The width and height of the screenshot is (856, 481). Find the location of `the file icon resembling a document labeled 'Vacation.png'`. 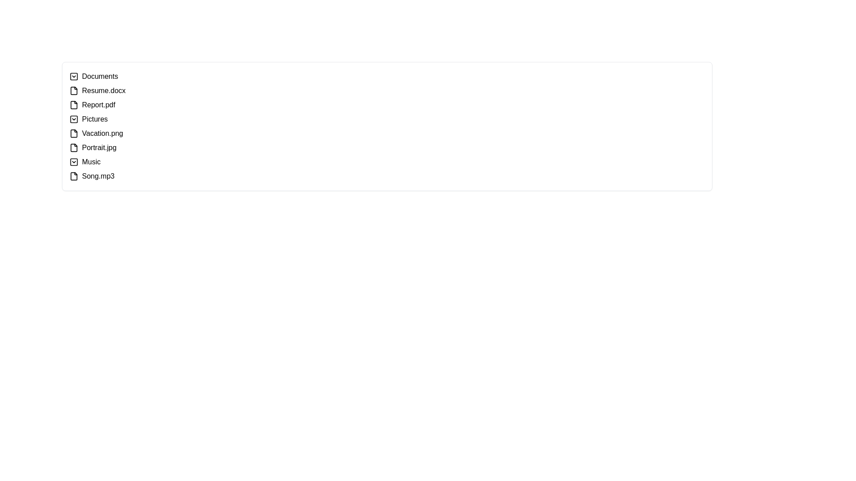

the file icon resembling a document labeled 'Vacation.png' is located at coordinates (74, 134).